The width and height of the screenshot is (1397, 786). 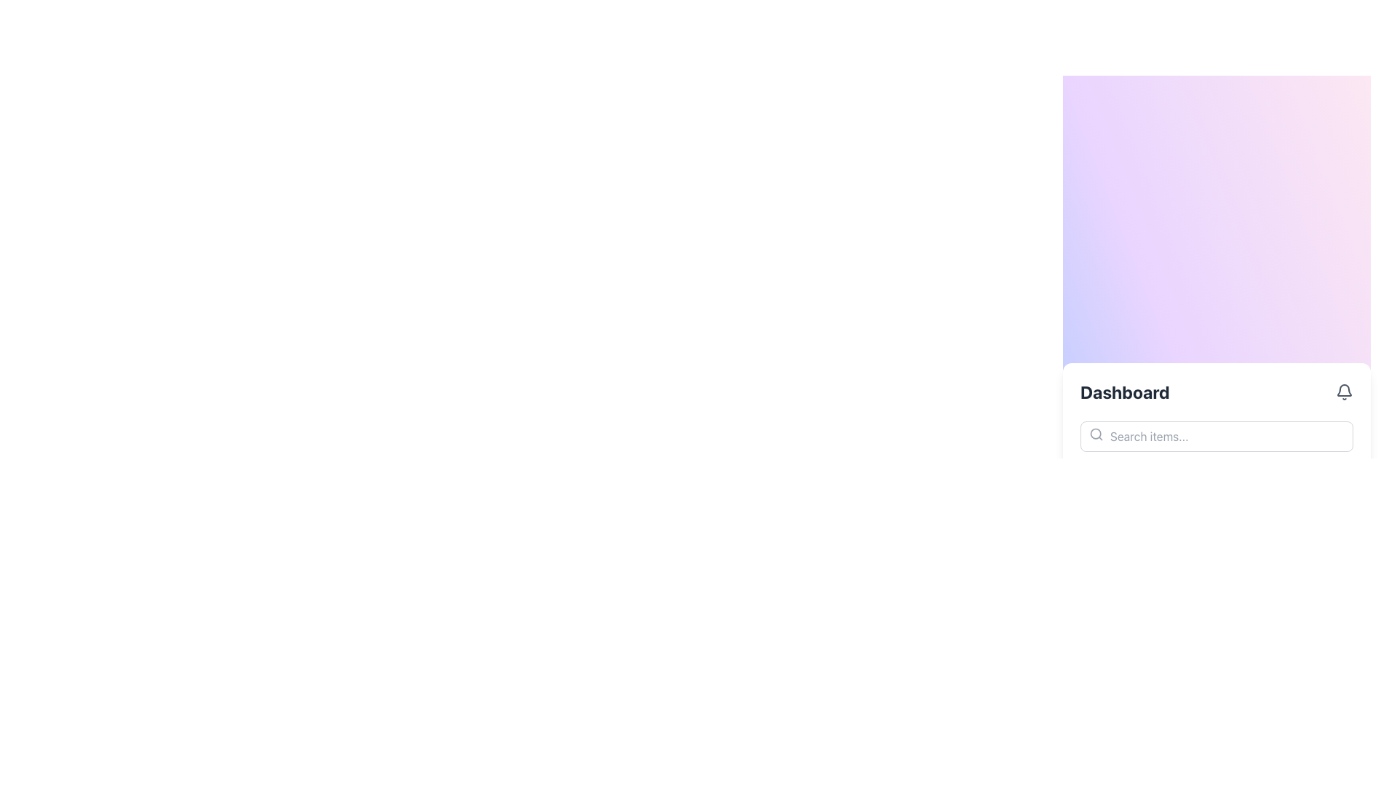 What do you see at coordinates (1096, 433) in the screenshot?
I see `the search icon located in the bottom-left corner of the search input field, which serves as a visual cue for the input box` at bounding box center [1096, 433].